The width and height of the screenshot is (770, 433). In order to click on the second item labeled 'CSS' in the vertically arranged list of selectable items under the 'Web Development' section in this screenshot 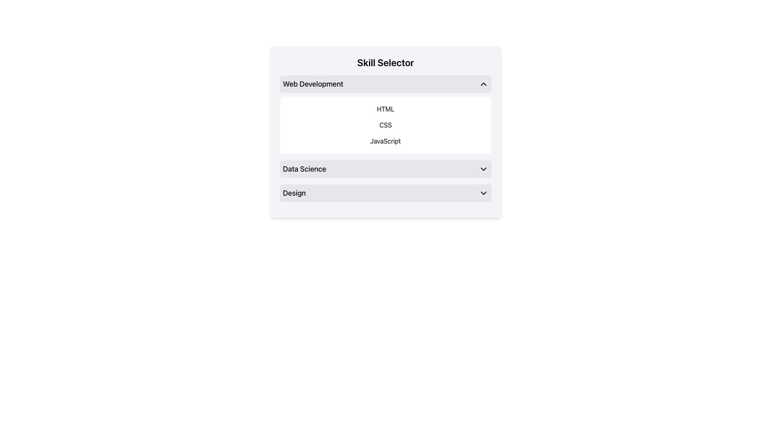, I will do `click(385, 114)`.